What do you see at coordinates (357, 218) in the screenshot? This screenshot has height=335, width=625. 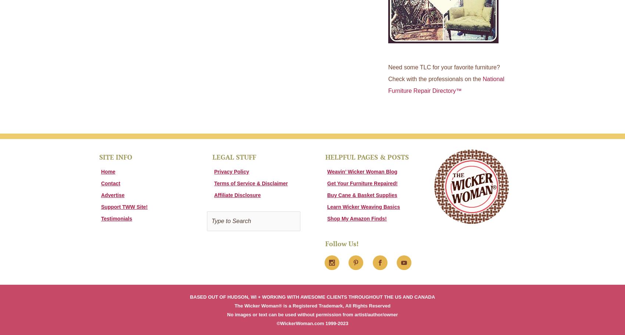 I see `'Shop My Amazon Finds!'` at bounding box center [357, 218].